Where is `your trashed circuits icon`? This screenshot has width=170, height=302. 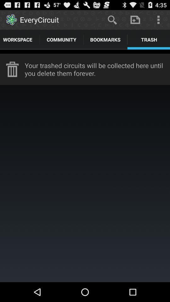
your trashed circuits icon is located at coordinates (97, 69).